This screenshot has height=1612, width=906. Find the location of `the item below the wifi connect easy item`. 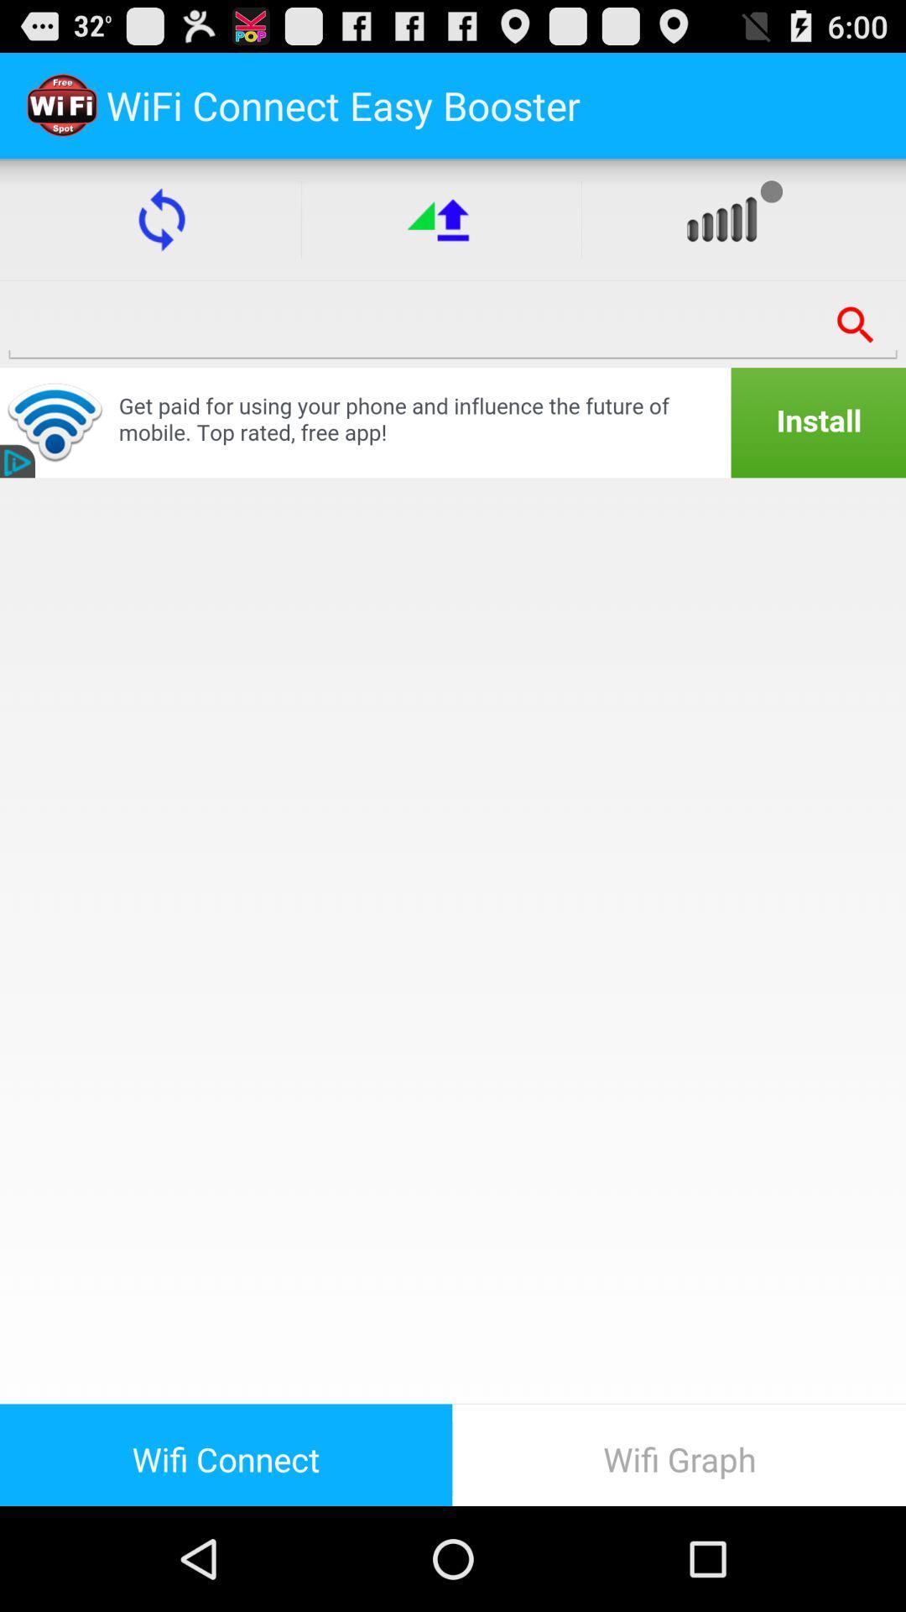

the item below the wifi connect easy item is located at coordinates (161, 218).